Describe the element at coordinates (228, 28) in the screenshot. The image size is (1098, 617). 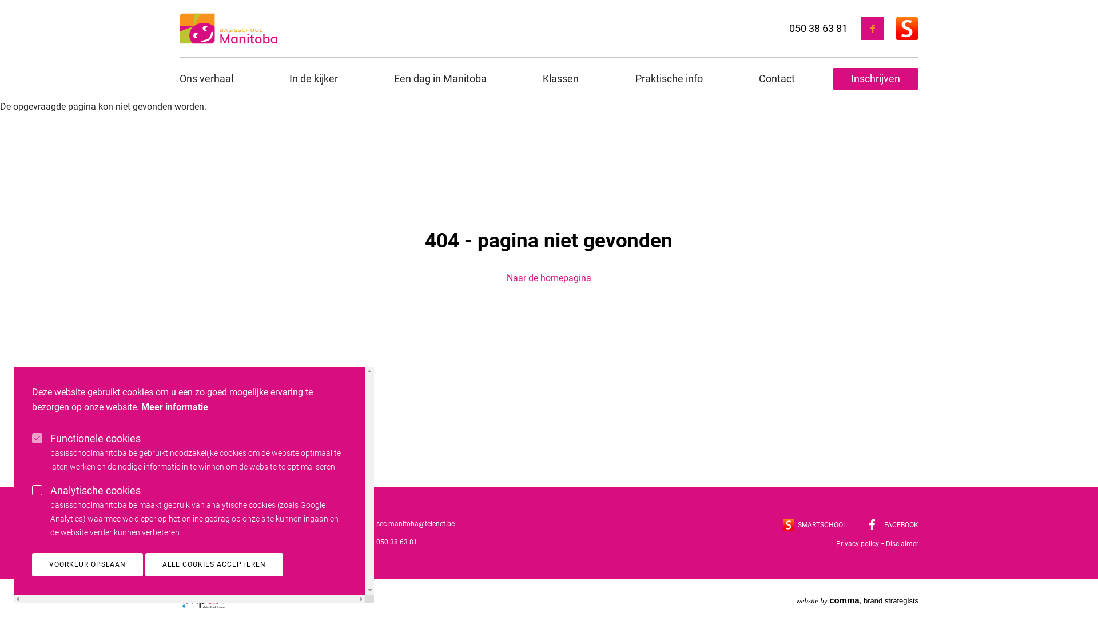
I see `'Manitoba'` at that location.